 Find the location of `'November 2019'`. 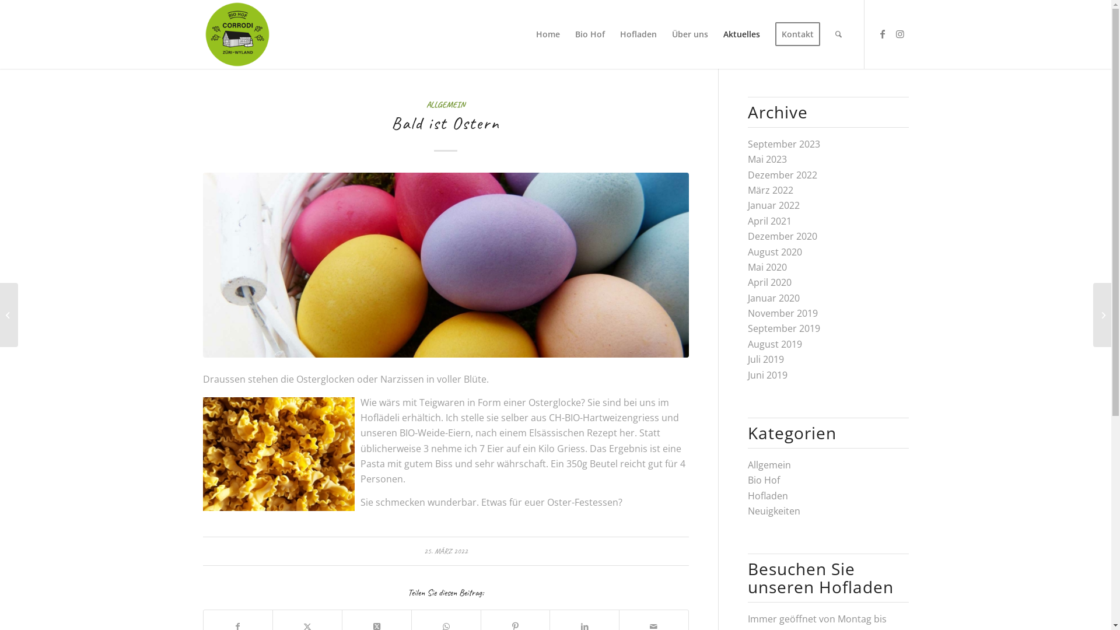

'November 2019' is located at coordinates (783, 312).